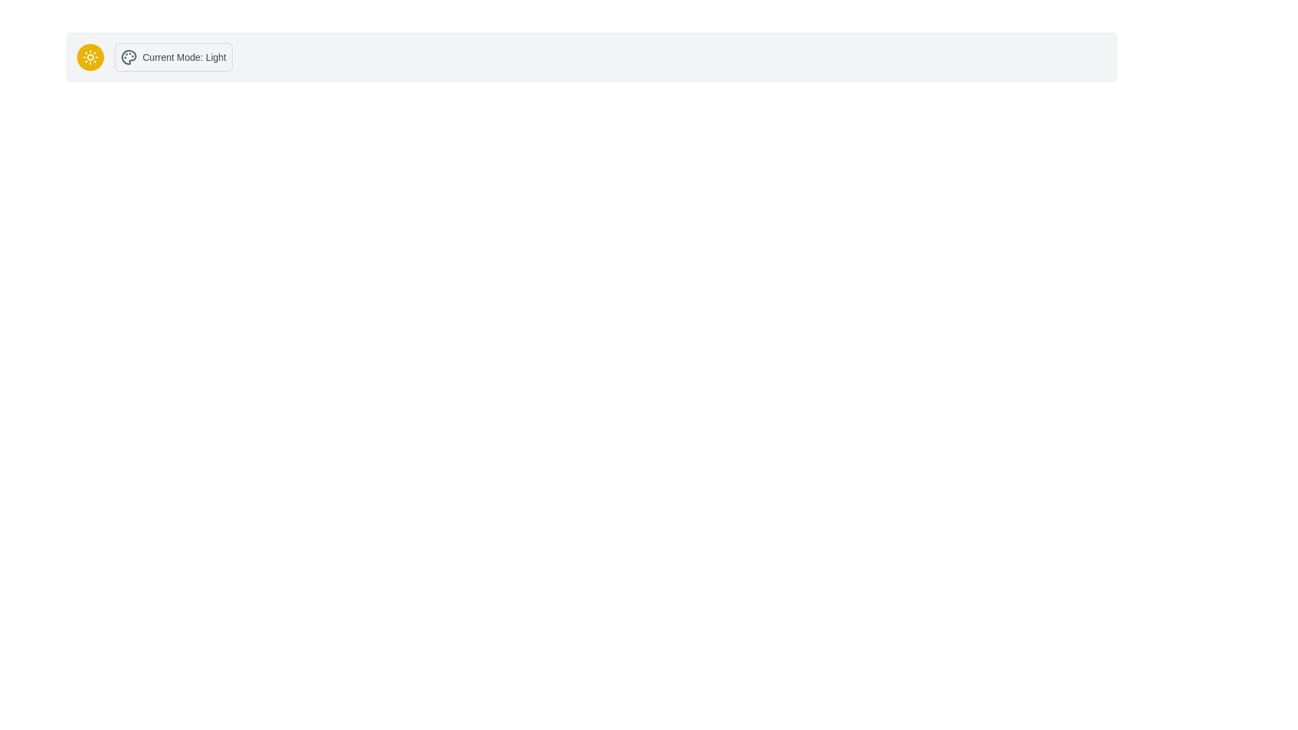 The image size is (1298, 730). What do you see at coordinates (129, 56) in the screenshot?
I see `the SVG graphical element shaped like a painter's palette located in the top left corner of the interface, near the current mode label` at bounding box center [129, 56].